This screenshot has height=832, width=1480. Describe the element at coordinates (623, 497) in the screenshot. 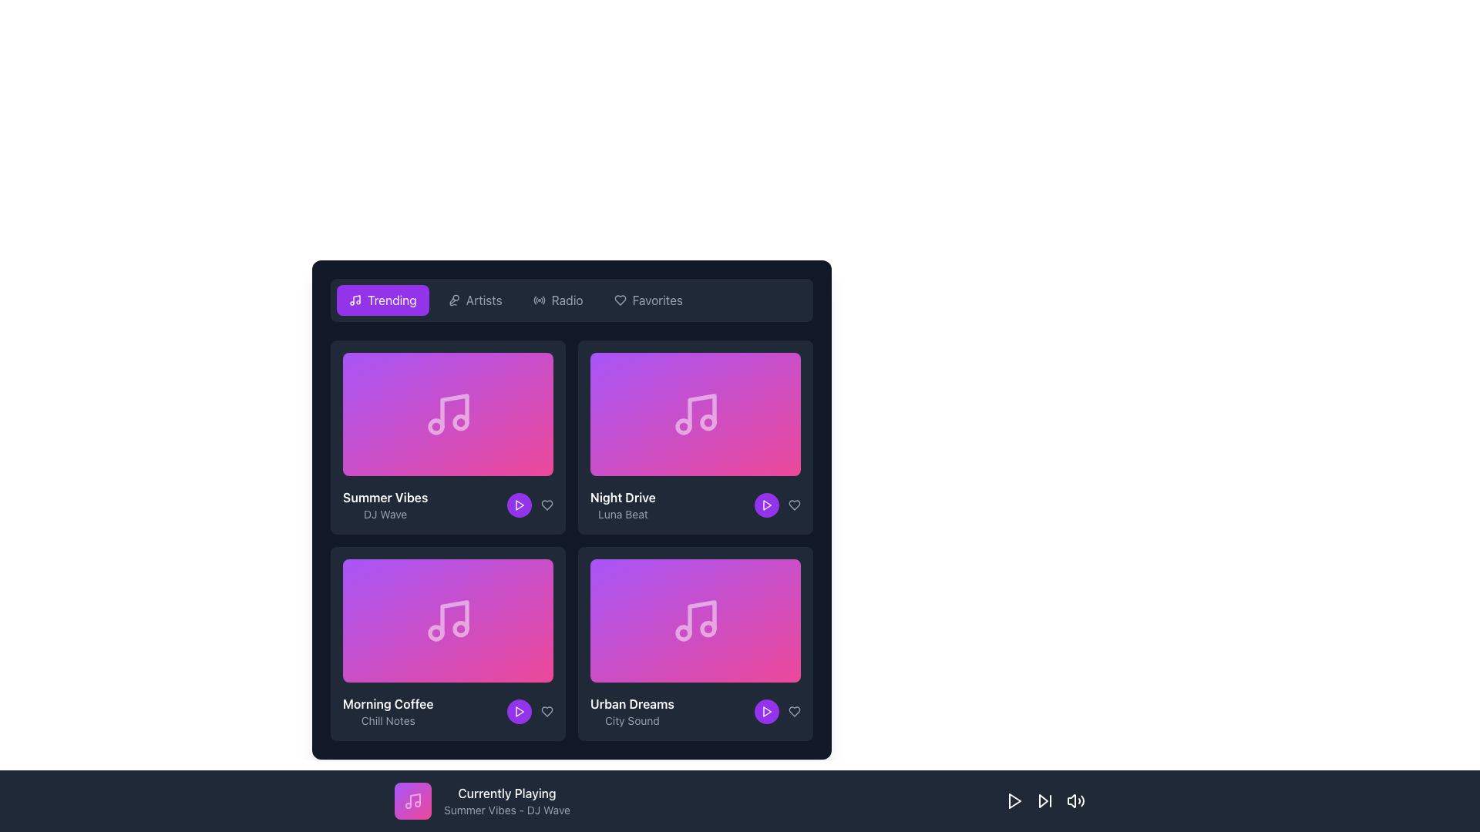

I see `text content of the 'Night Drive' label, which is displayed in bold white font above the 'Luna Beat' label on a dark background` at that location.